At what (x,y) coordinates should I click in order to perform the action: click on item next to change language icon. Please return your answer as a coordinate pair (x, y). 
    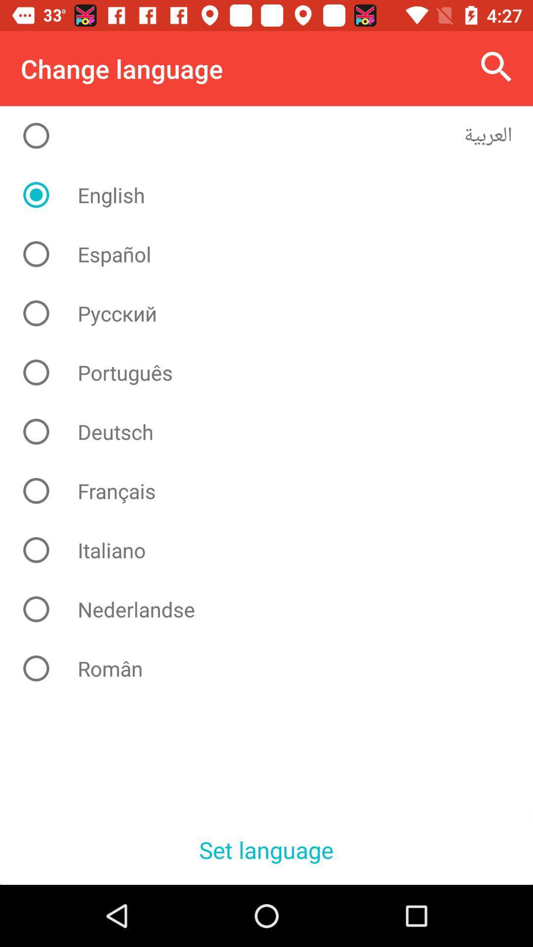
    Looking at the image, I should click on (496, 67).